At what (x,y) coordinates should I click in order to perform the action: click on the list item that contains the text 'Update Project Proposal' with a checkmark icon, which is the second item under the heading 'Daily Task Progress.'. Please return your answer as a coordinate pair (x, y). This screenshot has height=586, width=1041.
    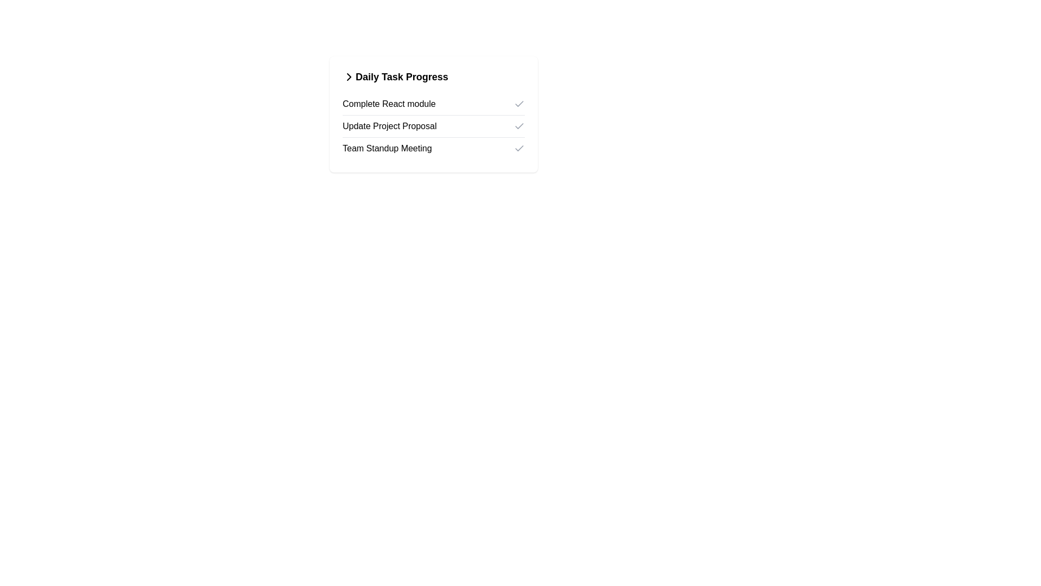
    Looking at the image, I should click on (434, 126).